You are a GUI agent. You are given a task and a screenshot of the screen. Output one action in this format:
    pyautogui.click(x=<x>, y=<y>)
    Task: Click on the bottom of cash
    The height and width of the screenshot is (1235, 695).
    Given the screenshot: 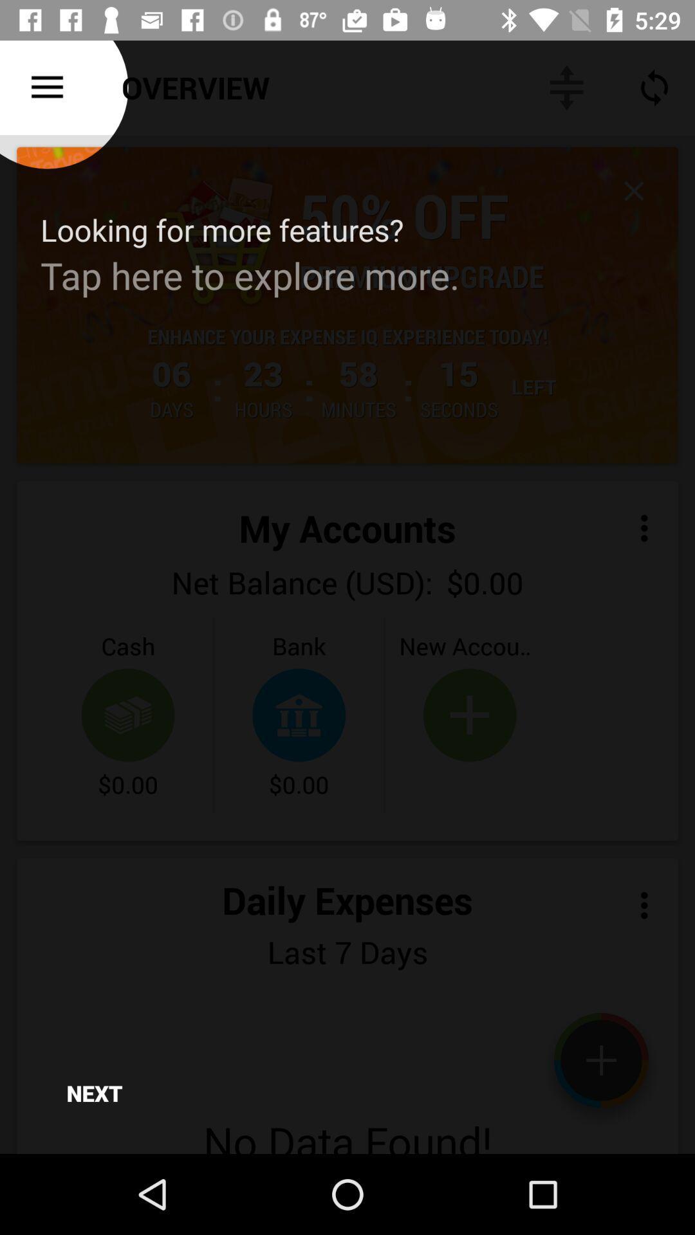 What is the action you would take?
    pyautogui.click(x=128, y=715)
    